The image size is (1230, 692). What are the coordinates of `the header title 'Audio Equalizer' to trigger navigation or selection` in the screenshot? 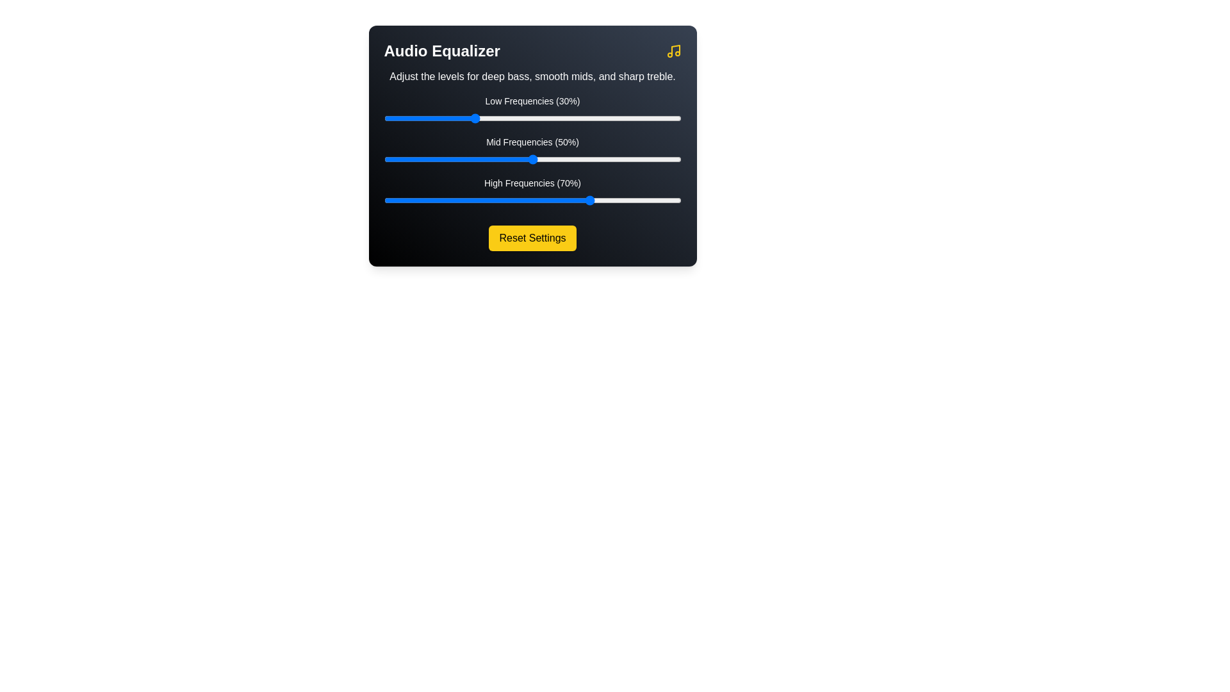 It's located at (442, 51).